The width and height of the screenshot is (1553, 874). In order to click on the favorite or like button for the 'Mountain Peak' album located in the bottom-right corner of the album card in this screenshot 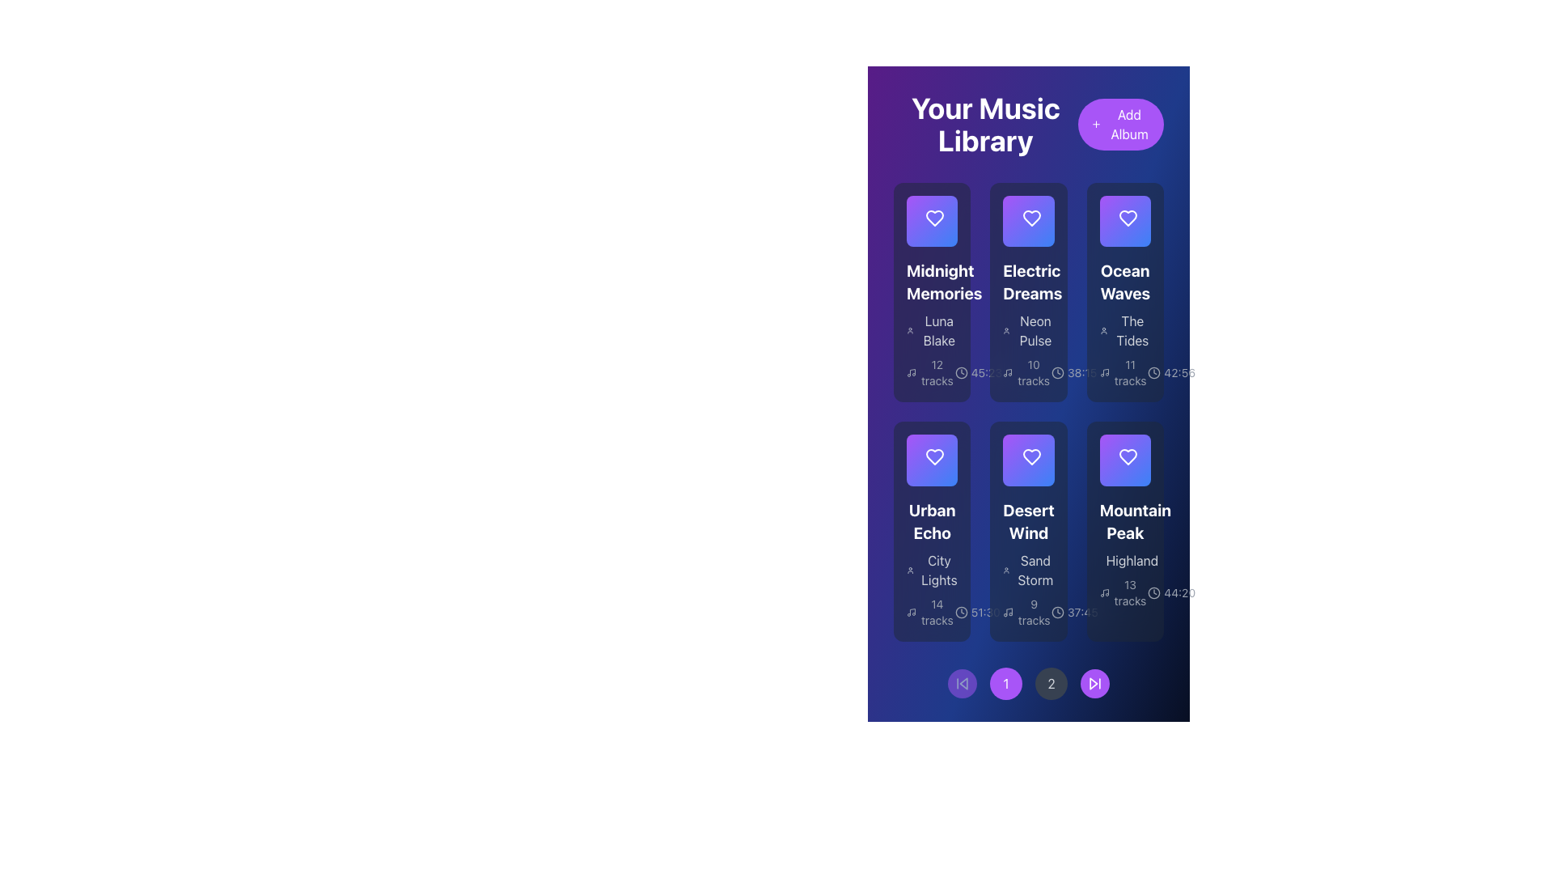, I will do `click(1124, 460)`.